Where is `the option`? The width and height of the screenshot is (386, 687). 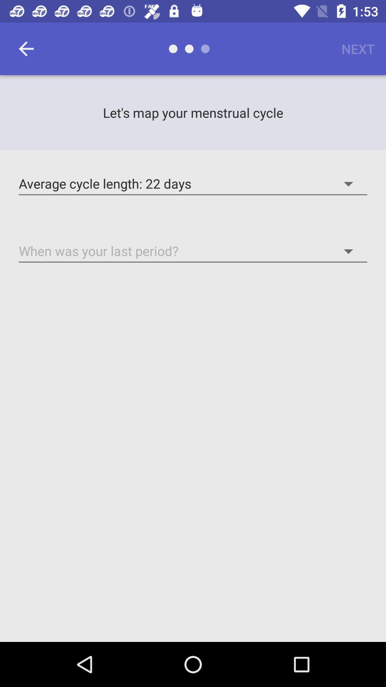
the option is located at coordinates (193, 251).